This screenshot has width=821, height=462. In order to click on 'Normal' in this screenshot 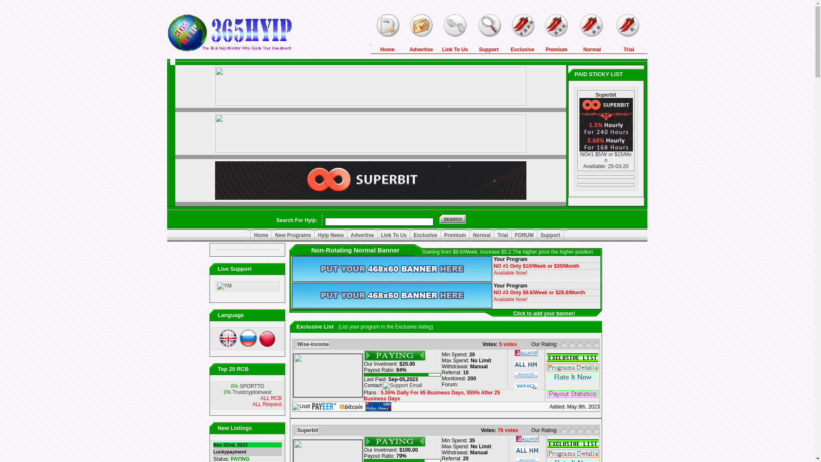, I will do `click(481, 235)`.